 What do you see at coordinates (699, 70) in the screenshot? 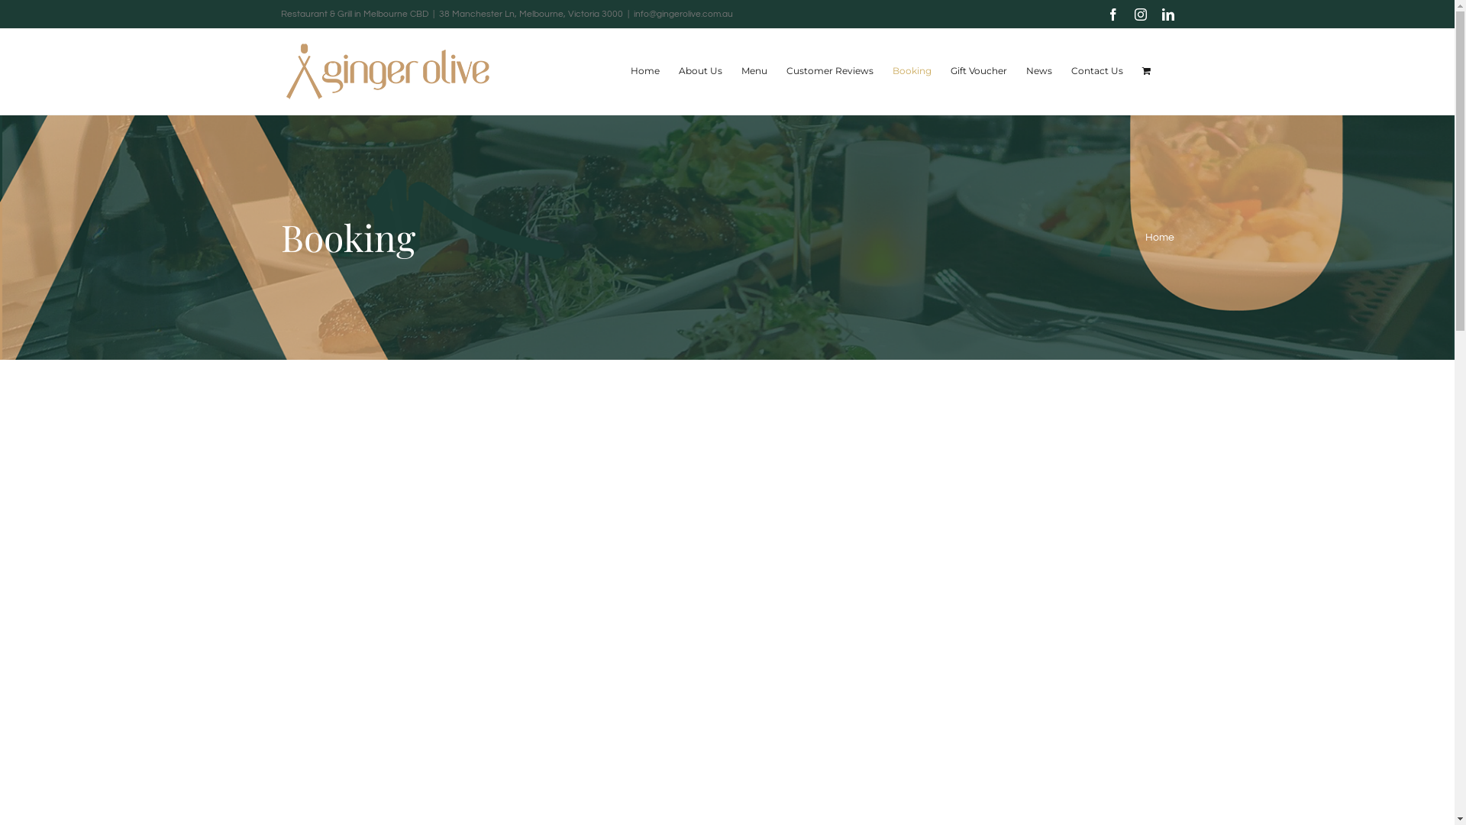
I see `'About Us'` at bounding box center [699, 70].